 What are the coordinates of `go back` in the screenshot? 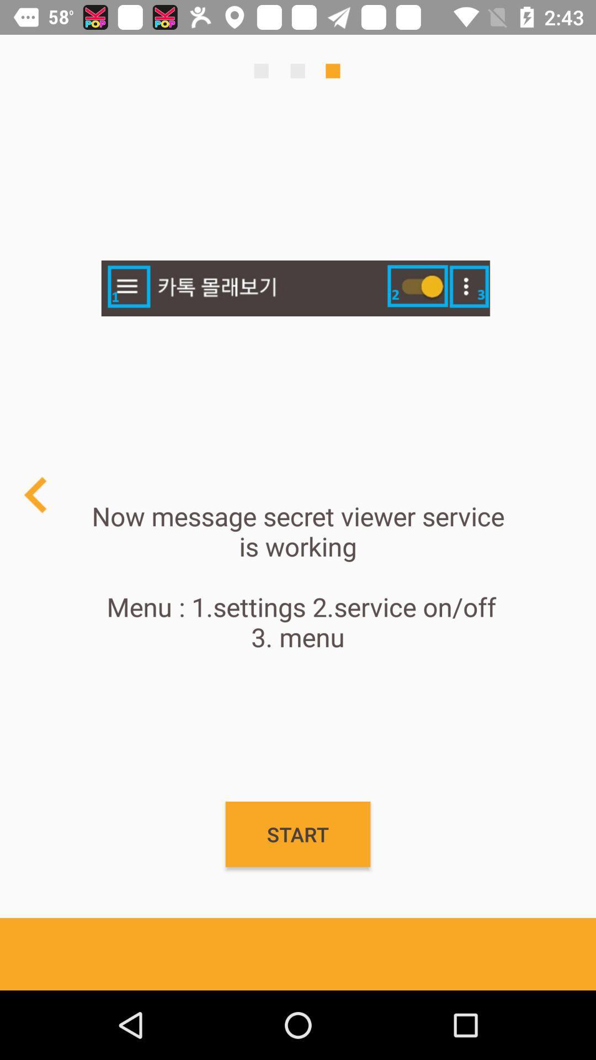 It's located at (35, 494).